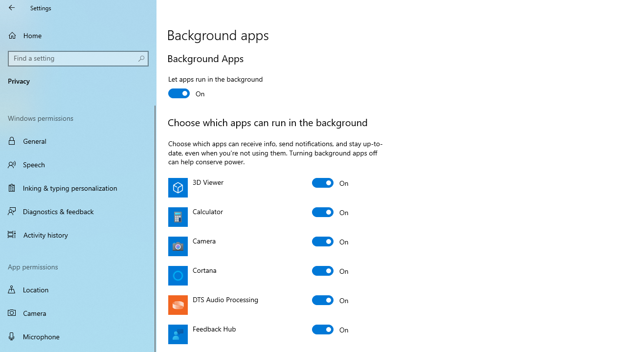  What do you see at coordinates (78, 141) in the screenshot?
I see `'General'` at bounding box center [78, 141].